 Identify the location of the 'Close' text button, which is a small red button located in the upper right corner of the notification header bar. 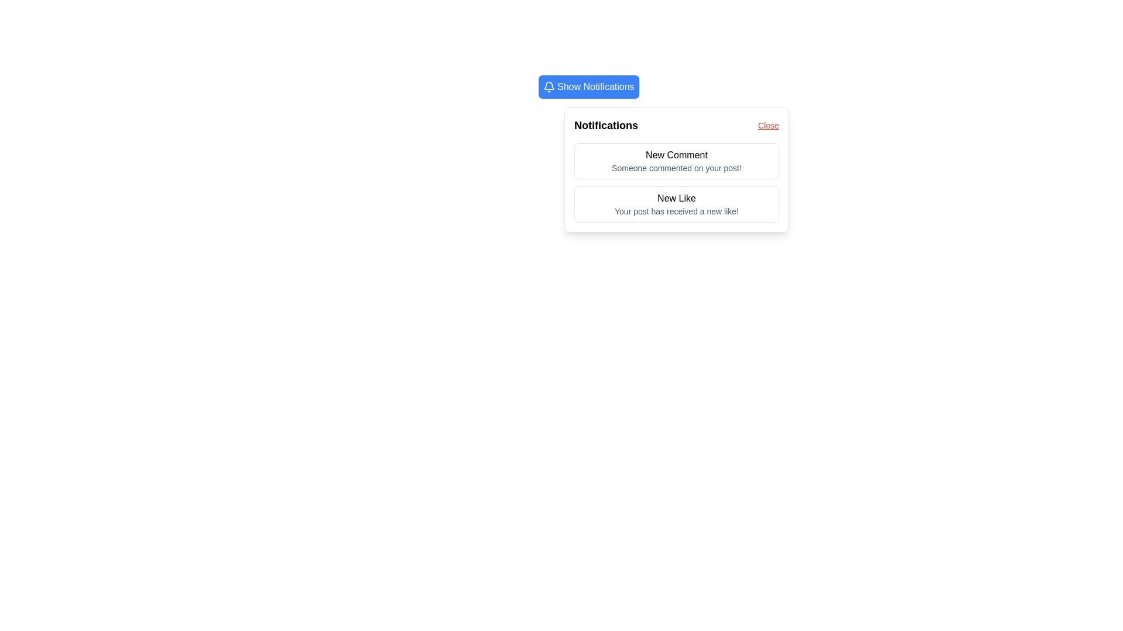
(769, 126).